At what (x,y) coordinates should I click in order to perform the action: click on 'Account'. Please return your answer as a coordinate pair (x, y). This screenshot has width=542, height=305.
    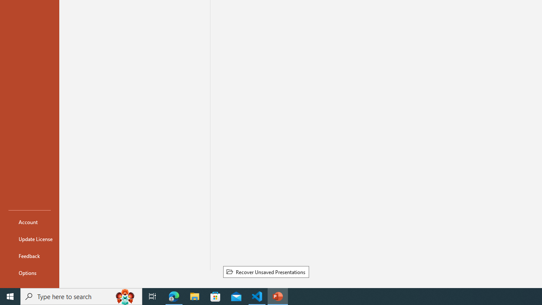
    Looking at the image, I should click on (29, 222).